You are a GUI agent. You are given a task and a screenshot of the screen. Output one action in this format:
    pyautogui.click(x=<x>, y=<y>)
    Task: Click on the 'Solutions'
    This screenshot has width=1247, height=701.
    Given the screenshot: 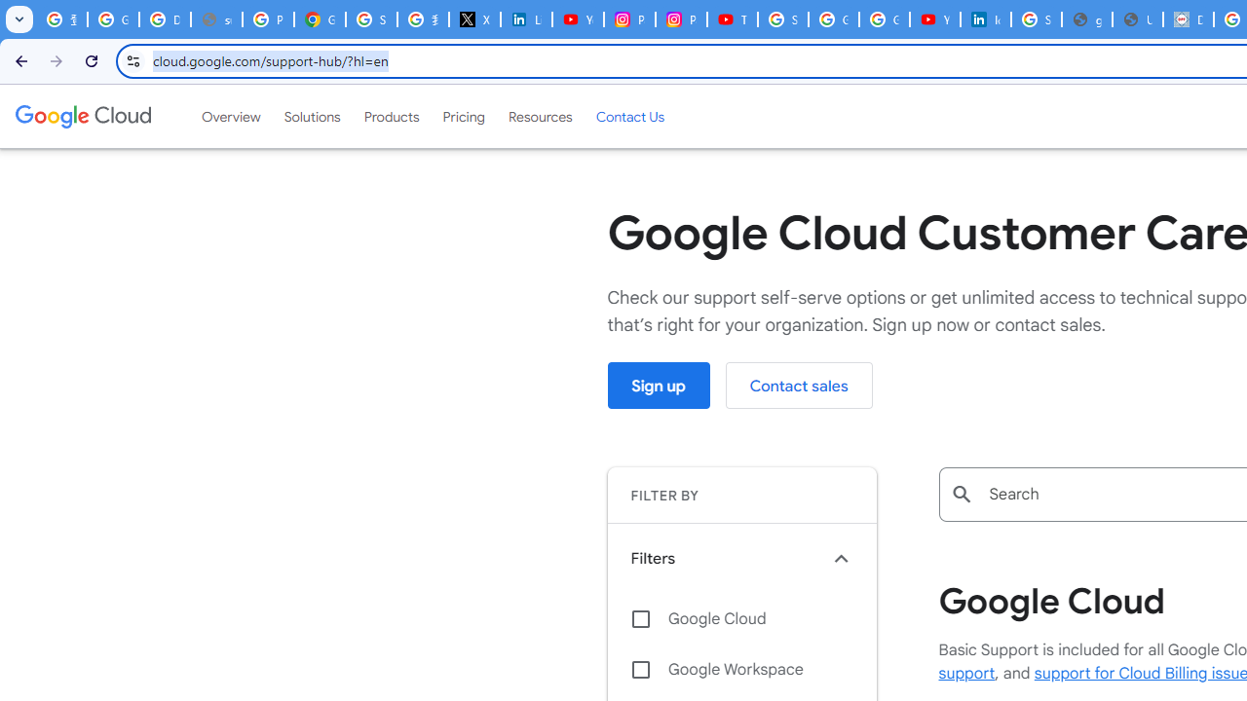 What is the action you would take?
    pyautogui.click(x=312, y=116)
    